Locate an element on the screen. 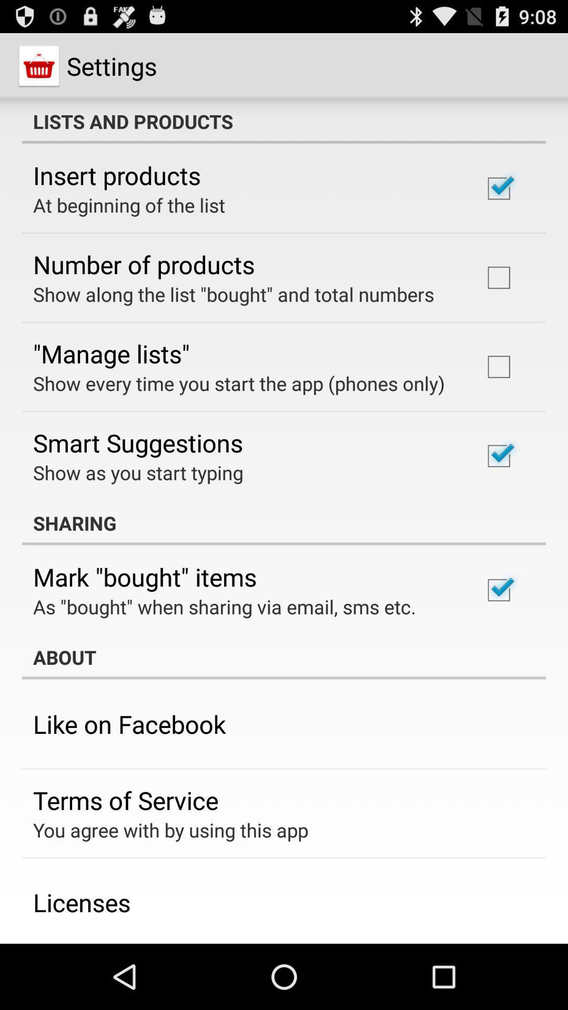 This screenshot has height=1010, width=568. the icon below the about icon is located at coordinates (129, 723).